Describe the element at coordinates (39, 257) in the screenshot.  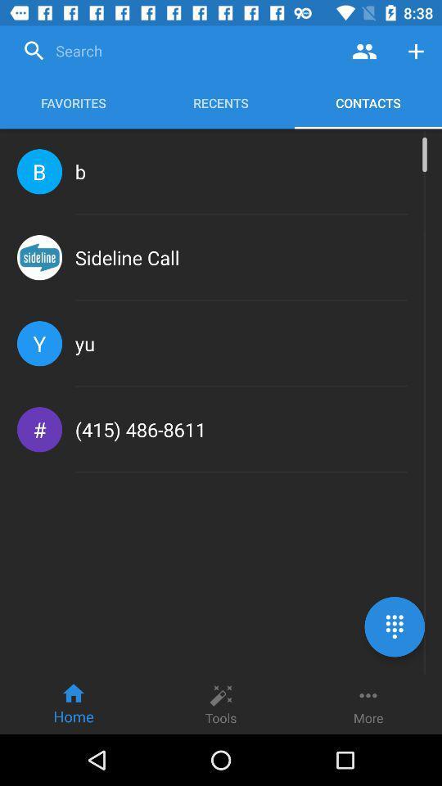
I see `icon next to sideline call icon` at that location.